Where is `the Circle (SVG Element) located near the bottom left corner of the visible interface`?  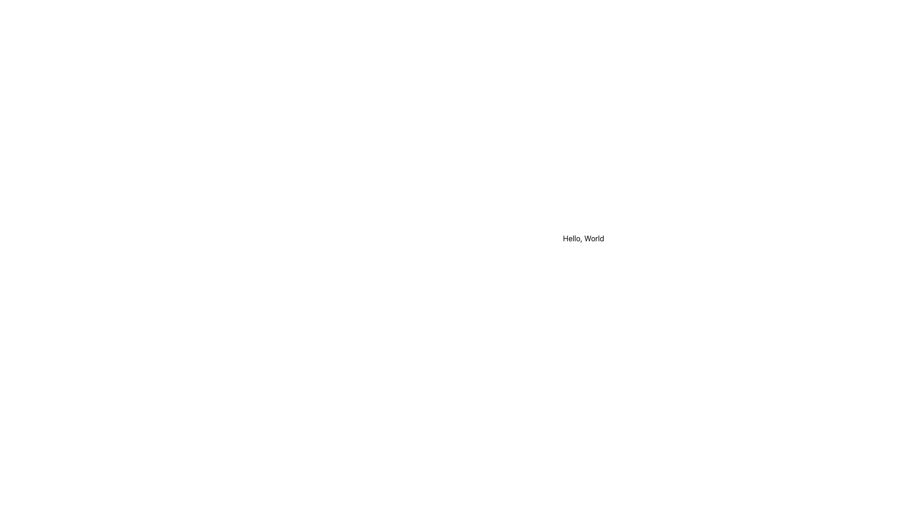
the Circle (SVG Element) located near the bottom left corner of the visible interface is located at coordinates (386, 486).